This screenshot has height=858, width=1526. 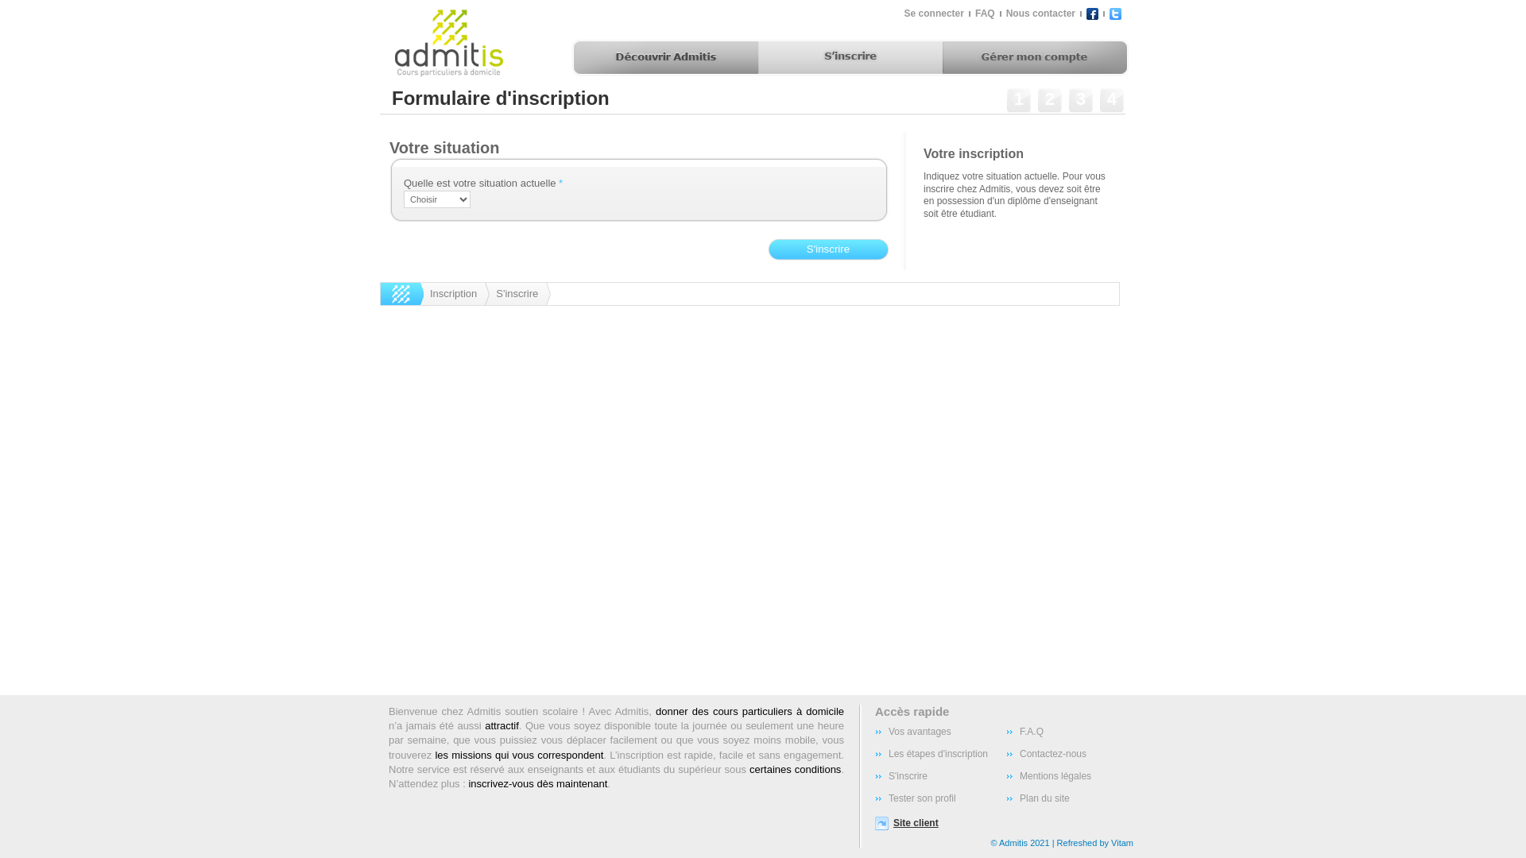 What do you see at coordinates (983, 13) in the screenshot?
I see `'FAQ'` at bounding box center [983, 13].